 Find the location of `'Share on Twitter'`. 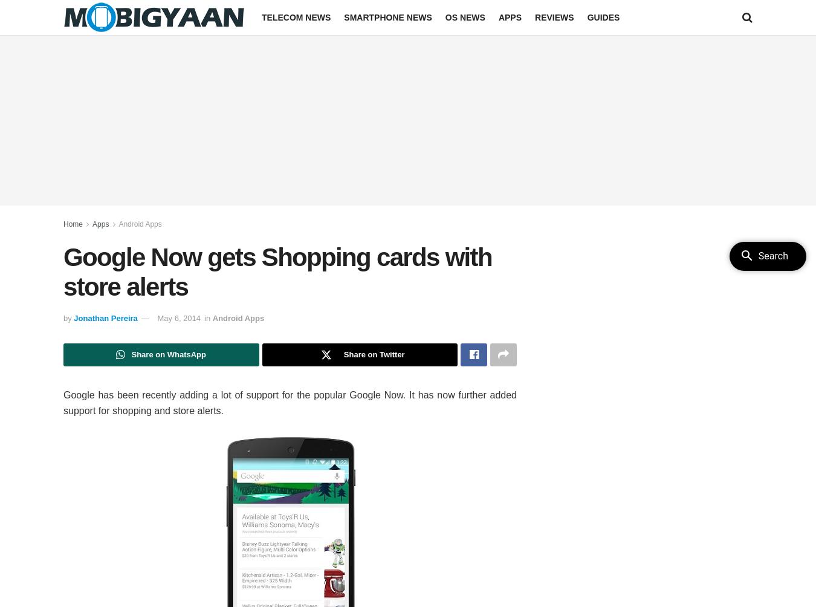

'Share on Twitter' is located at coordinates (343, 354).